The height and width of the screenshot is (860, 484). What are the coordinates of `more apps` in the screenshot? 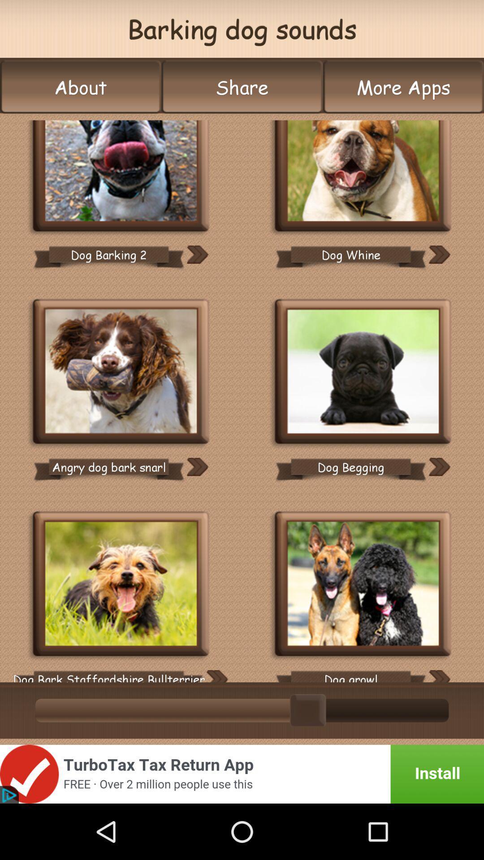 It's located at (403, 87).